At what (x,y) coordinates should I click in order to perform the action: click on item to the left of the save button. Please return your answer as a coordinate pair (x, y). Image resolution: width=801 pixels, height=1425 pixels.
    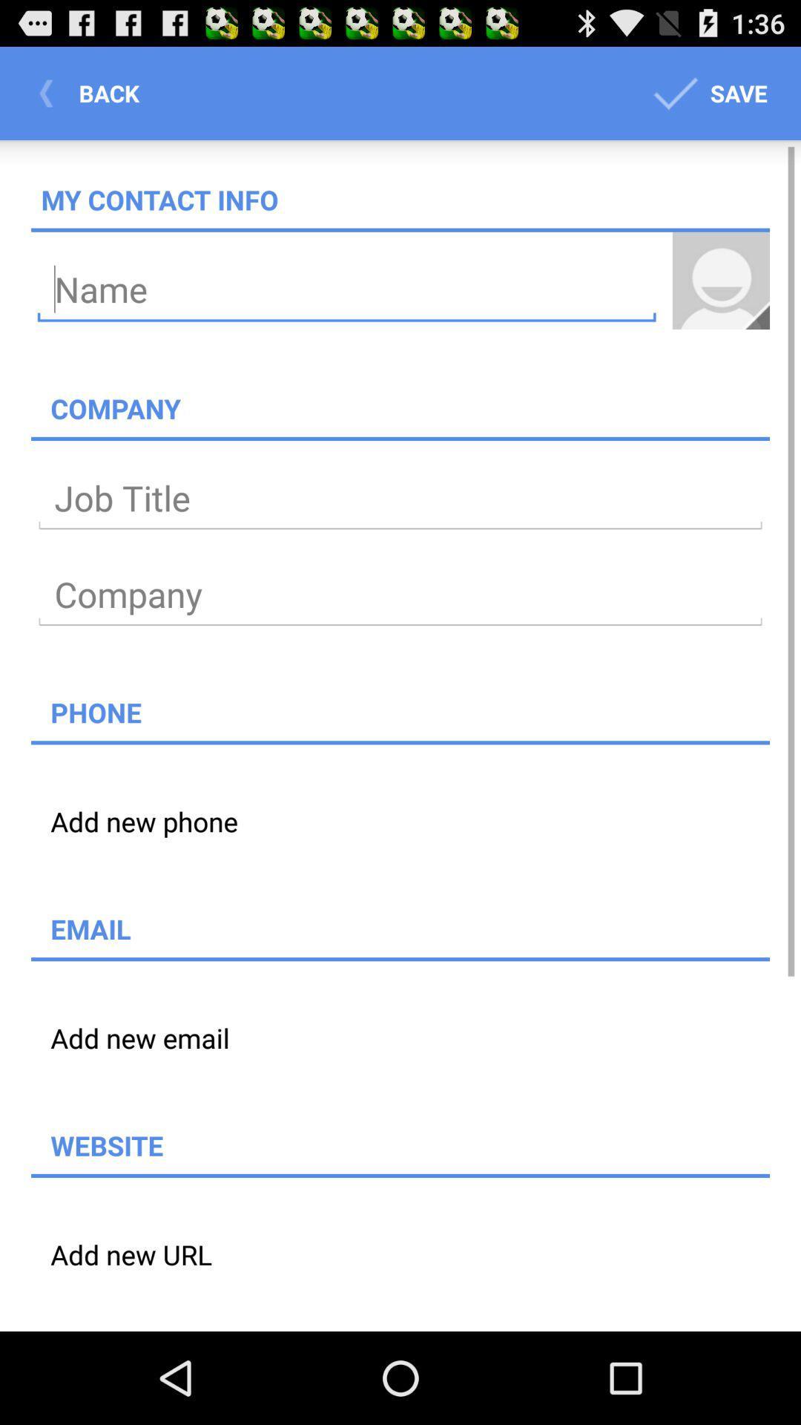
    Looking at the image, I should click on (93, 92).